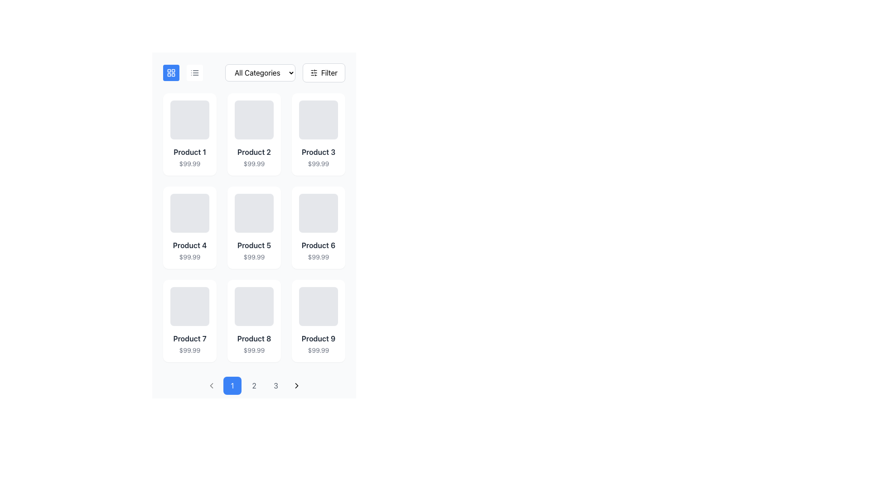 Image resolution: width=870 pixels, height=489 pixels. I want to click on text label displaying 'Product 1', which is styled with bold font and distinct dark gray color, located in the first tile of a grid view of products, so click(189, 151).